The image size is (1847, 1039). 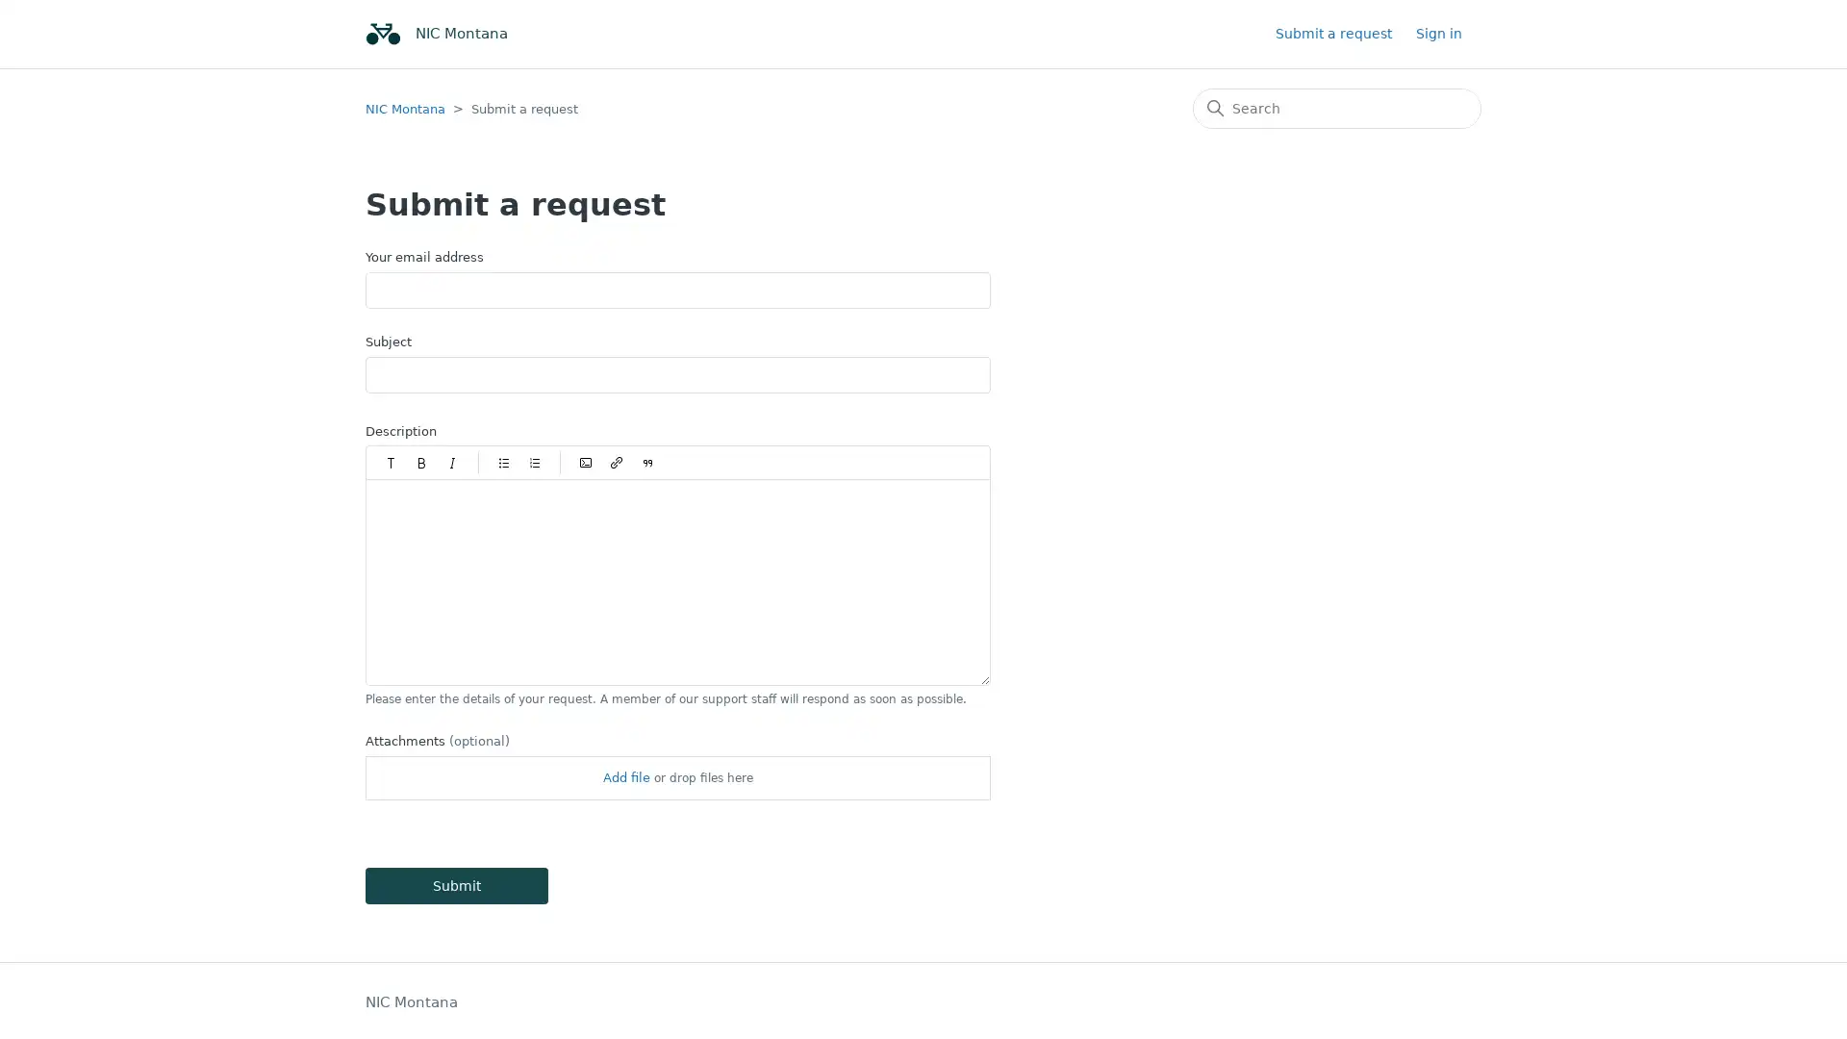 I want to click on Numbered list, so click(x=535, y=463).